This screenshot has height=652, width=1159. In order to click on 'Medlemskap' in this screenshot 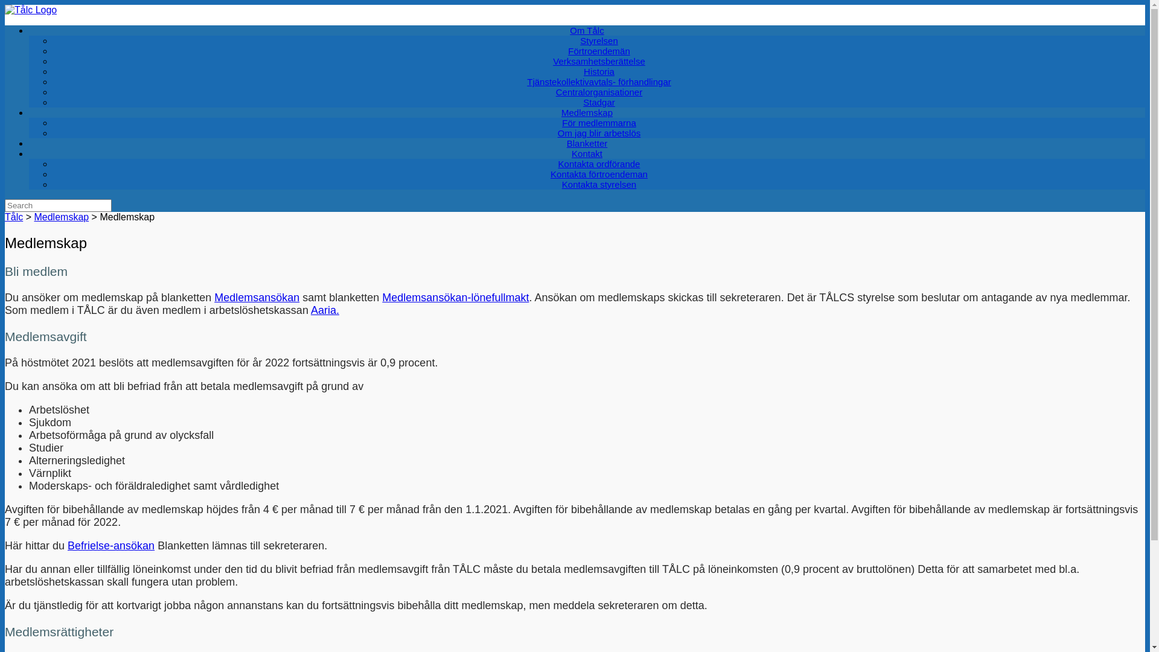, I will do `click(587, 112)`.